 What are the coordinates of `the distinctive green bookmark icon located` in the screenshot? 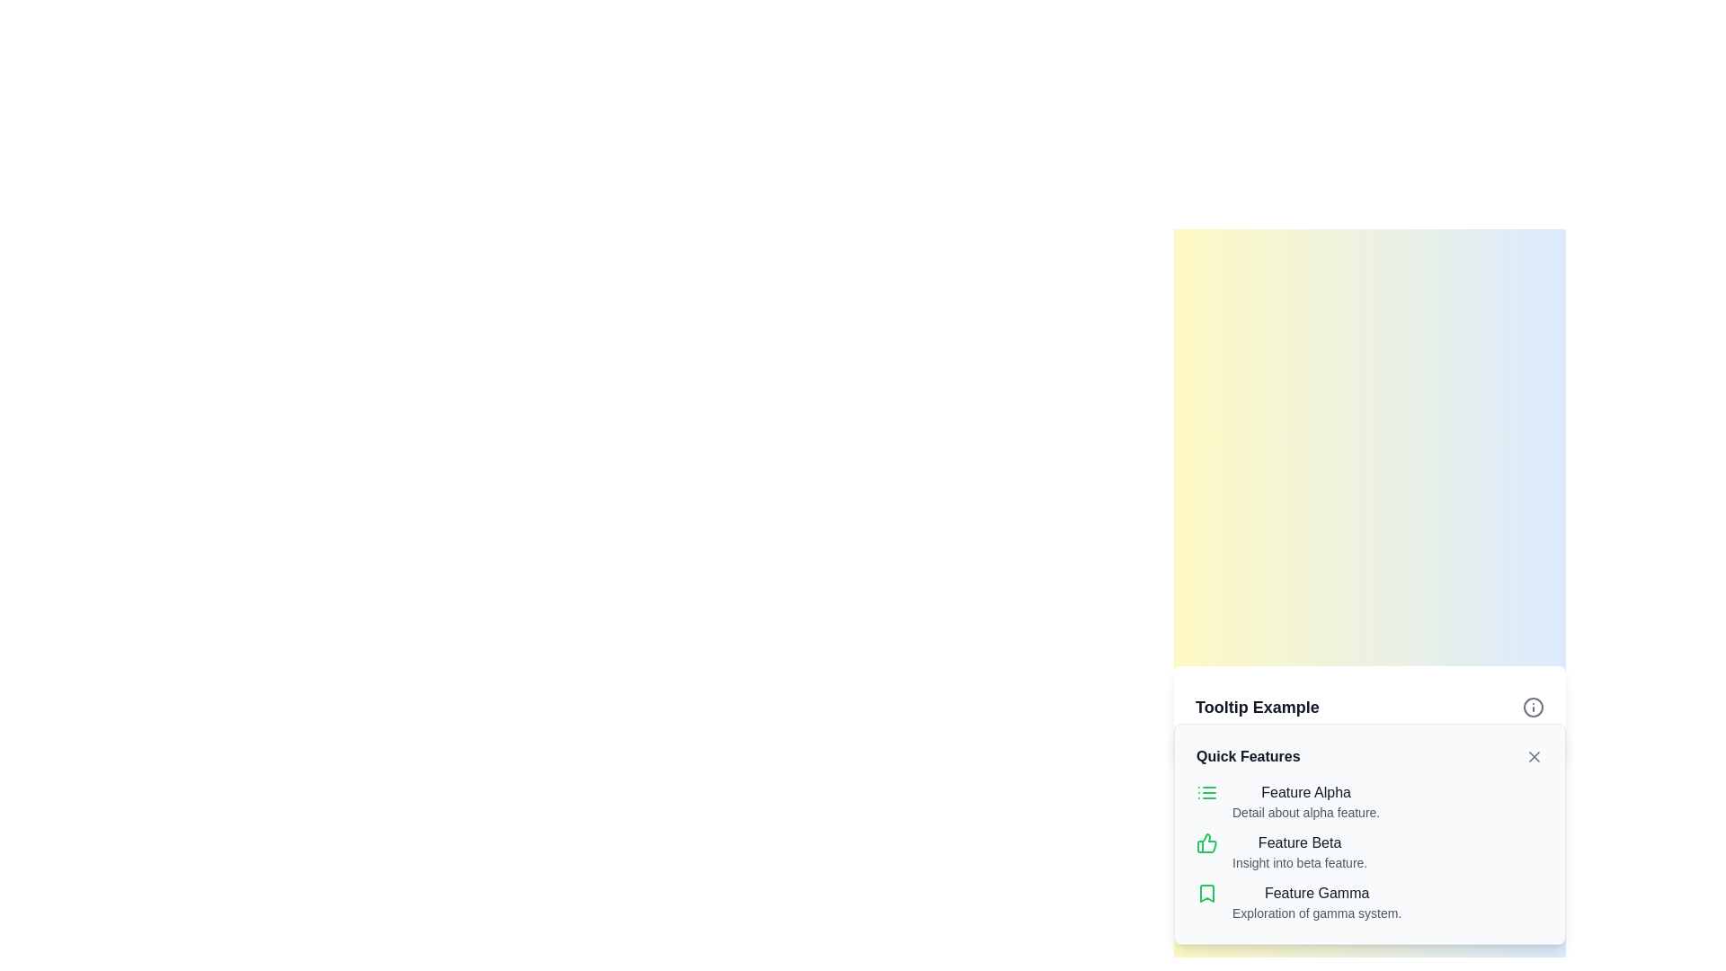 It's located at (1207, 894).